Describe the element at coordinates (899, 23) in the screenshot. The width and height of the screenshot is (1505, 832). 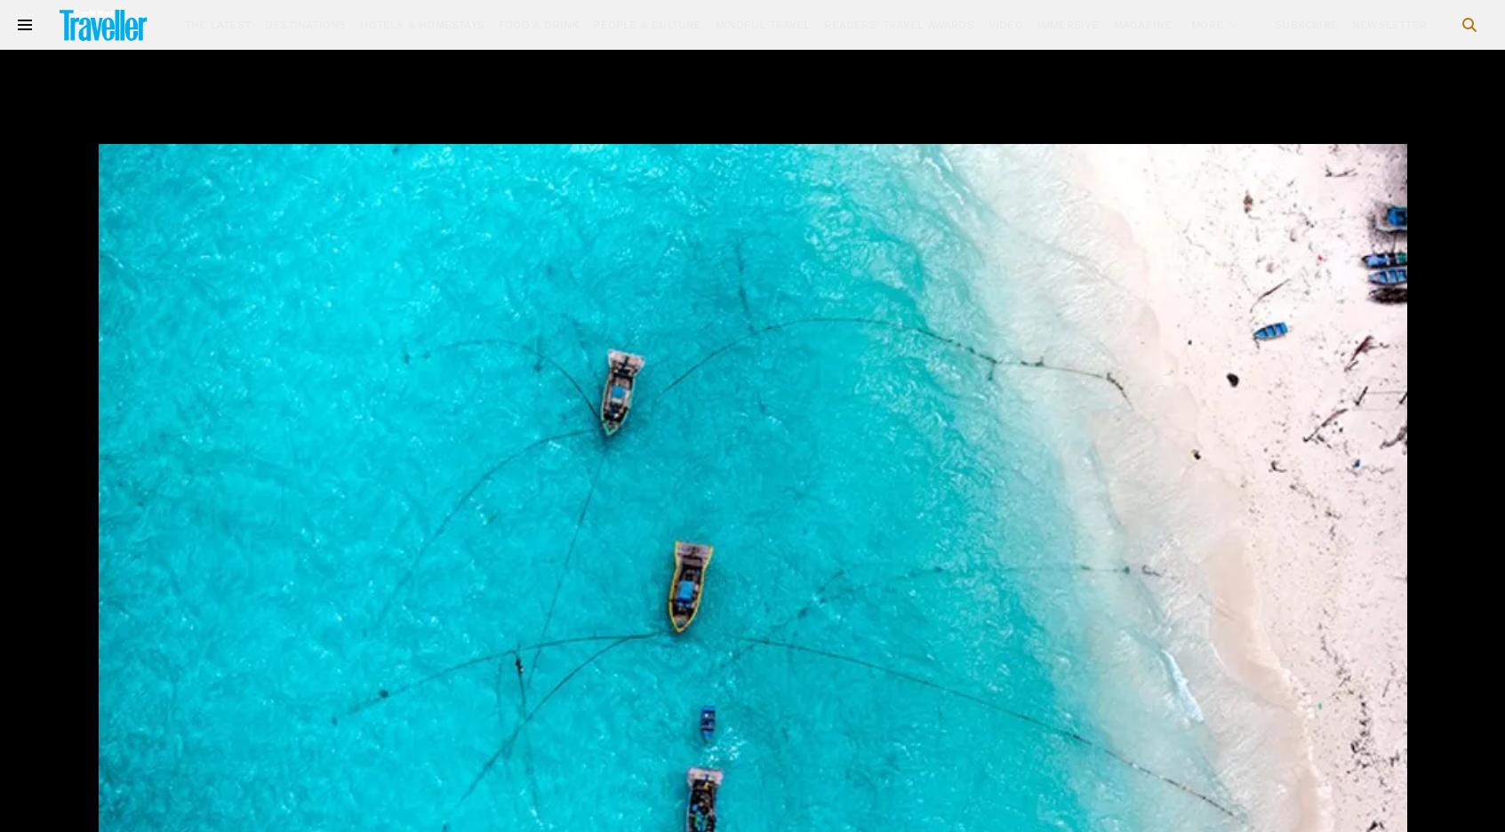
I see `'Readers' Travel Awards'` at that location.